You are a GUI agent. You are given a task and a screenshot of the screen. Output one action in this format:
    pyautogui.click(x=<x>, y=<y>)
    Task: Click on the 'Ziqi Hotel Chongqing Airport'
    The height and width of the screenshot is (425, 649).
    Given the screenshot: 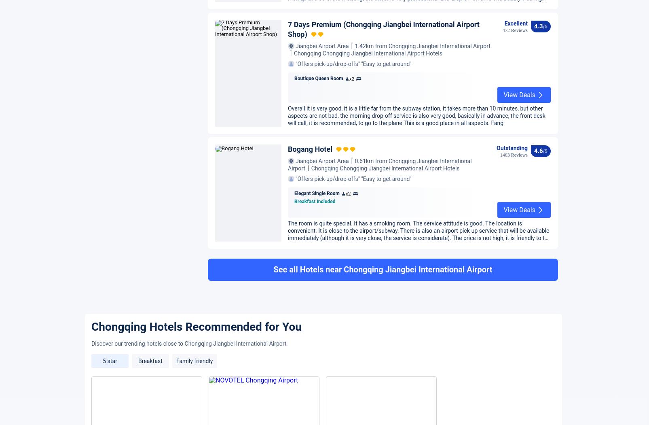 What is the action you would take?
    pyautogui.click(x=288, y=235)
    